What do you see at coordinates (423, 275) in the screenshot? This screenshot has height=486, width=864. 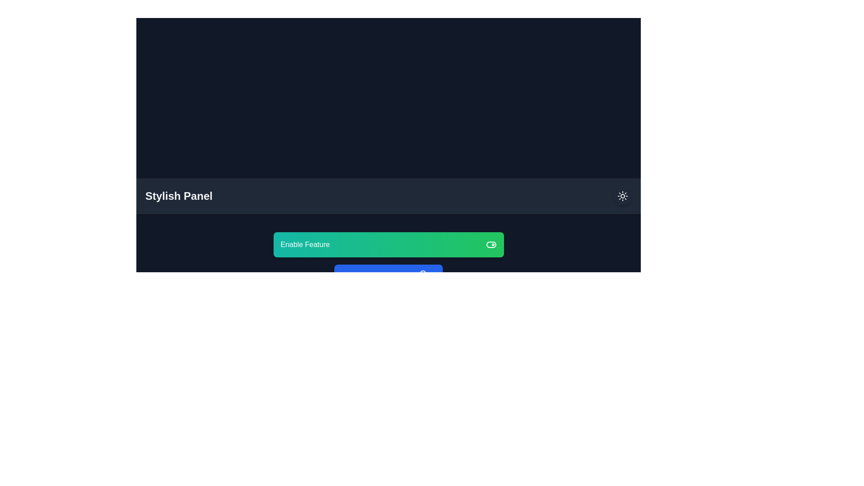 I see `the decorative notification icon located to the right side of the 'Disable Notifications' button, vertically aligned at the center` at bounding box center [423, 275].